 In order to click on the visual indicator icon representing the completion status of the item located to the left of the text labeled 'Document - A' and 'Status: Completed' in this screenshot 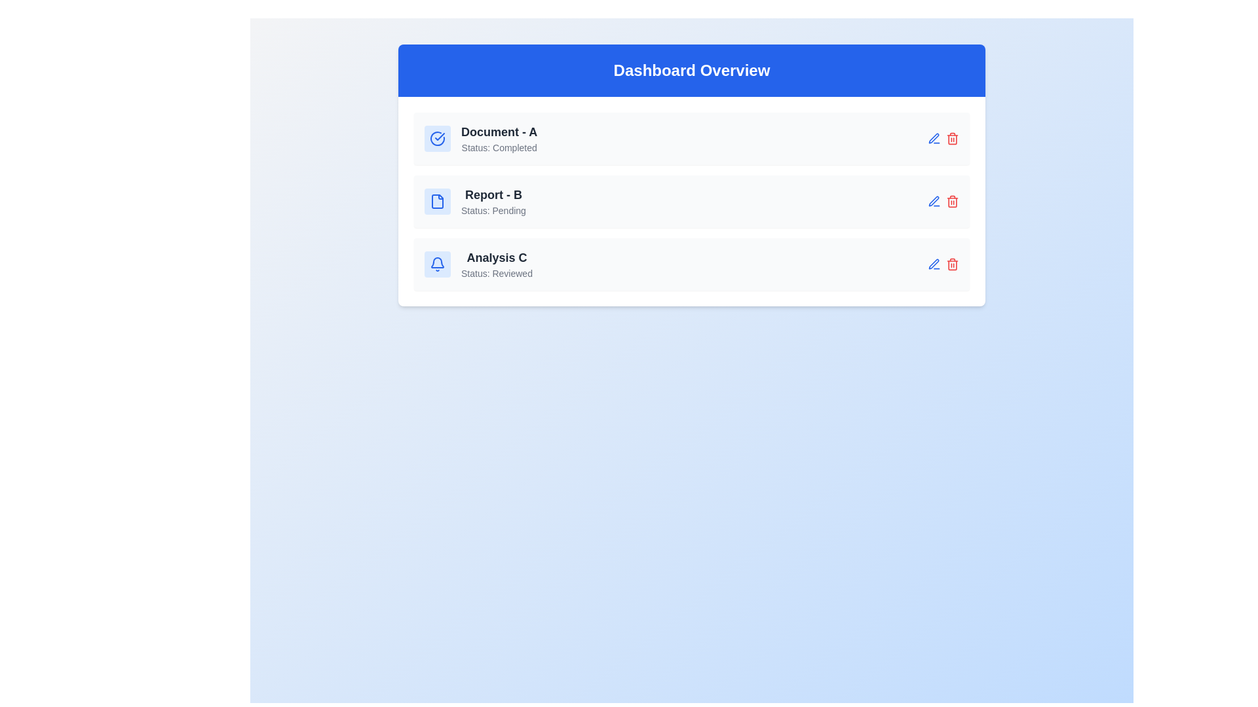, I will do `click(437, 139)`.